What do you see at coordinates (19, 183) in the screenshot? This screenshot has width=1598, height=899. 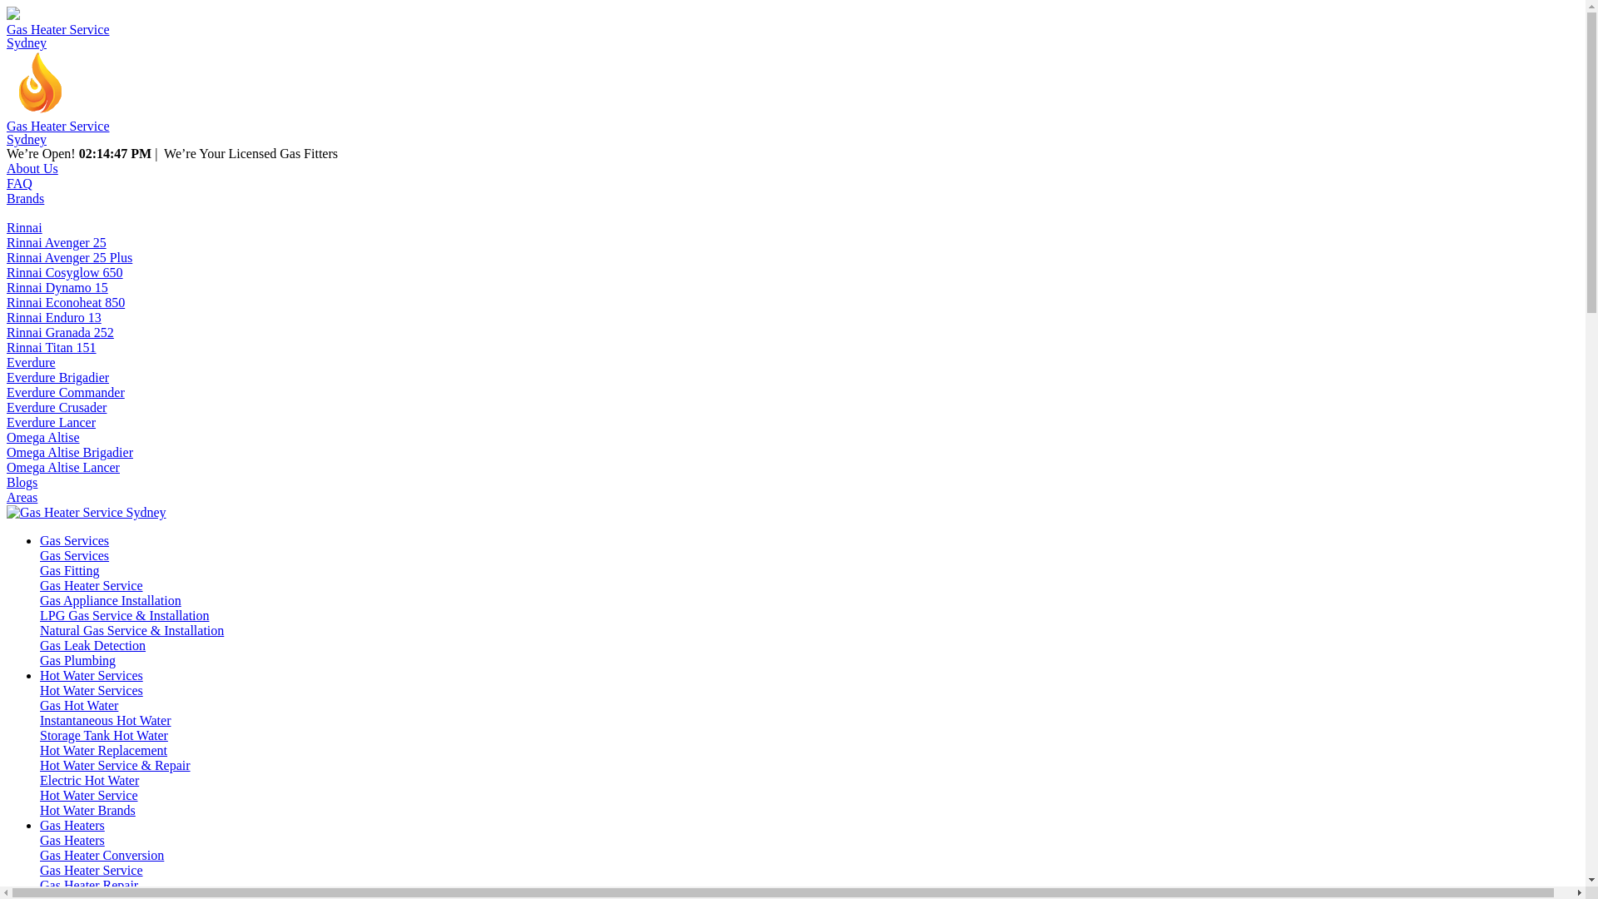 I see `'FAQ'` at bounding box center [19, 183].